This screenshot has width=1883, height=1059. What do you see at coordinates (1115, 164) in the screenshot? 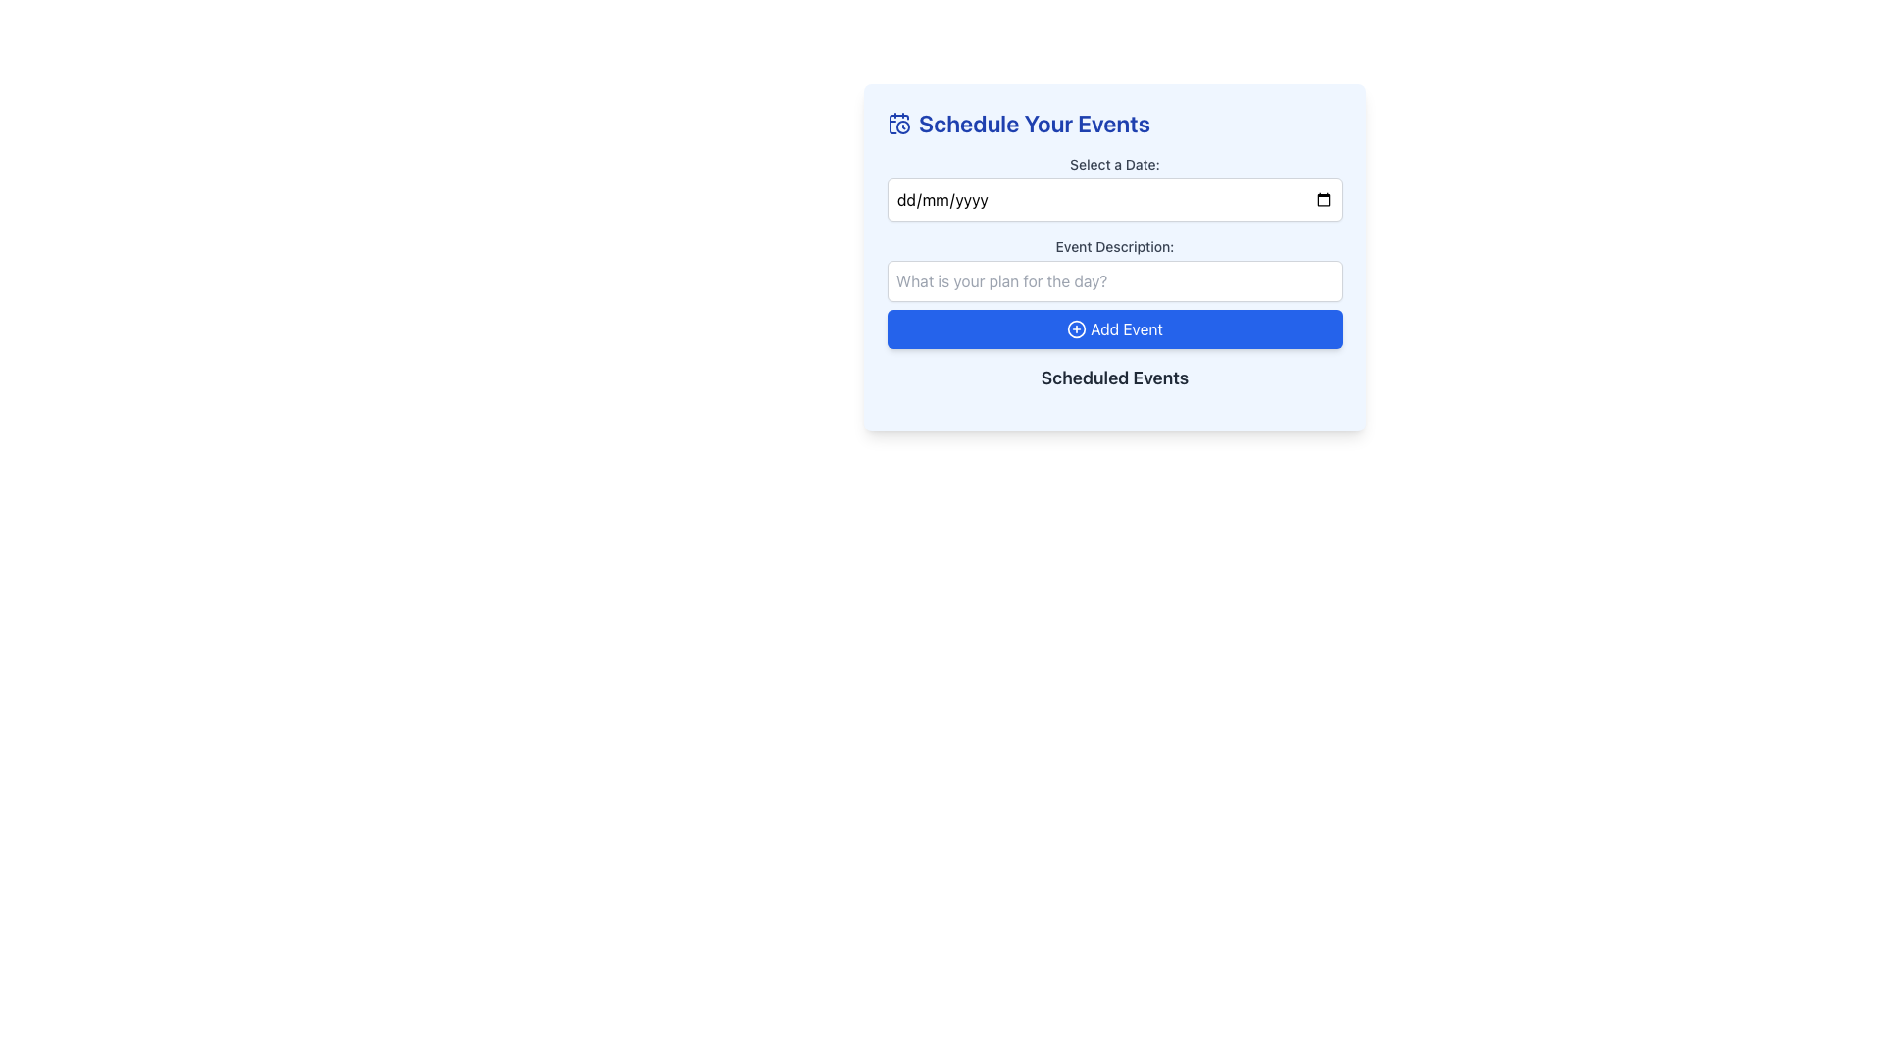
I see `the text label displaying 'Select a Date:' which is styled in gray and positioned above the date input field in the 'Schedule Your Events' form` at bounding box center [1115, 164].